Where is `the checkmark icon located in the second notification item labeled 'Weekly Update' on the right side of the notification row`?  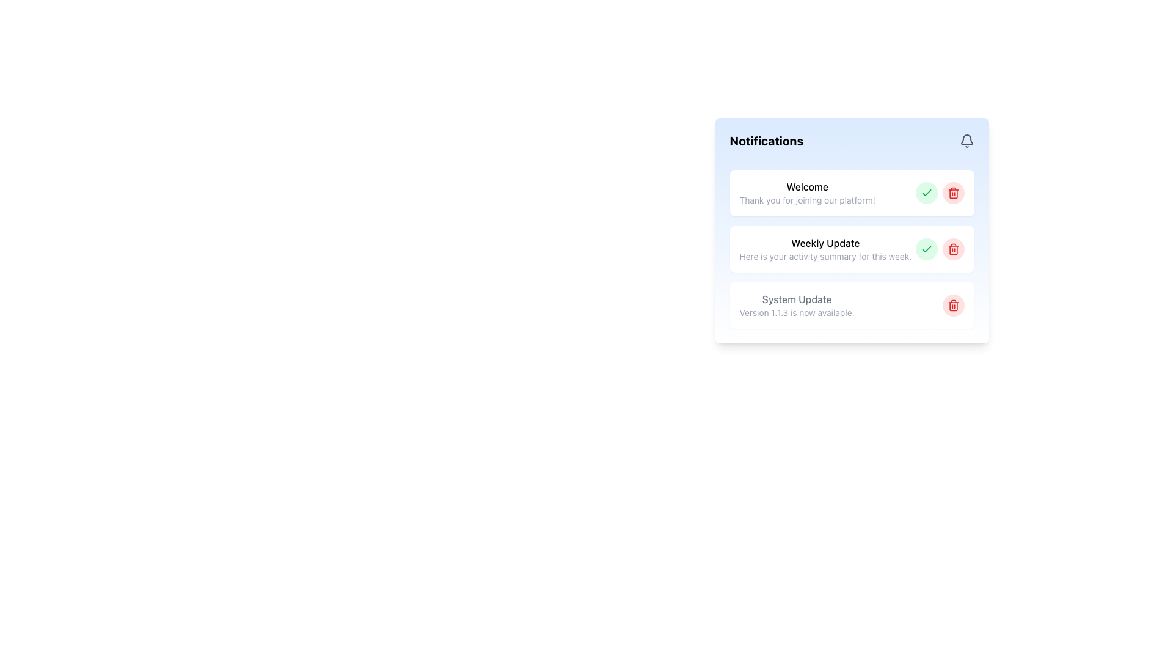
the checkmark icon located in the second notification item labeled 'Weekly Update' on the right side of the notification row is located at coordinates (926, 249).